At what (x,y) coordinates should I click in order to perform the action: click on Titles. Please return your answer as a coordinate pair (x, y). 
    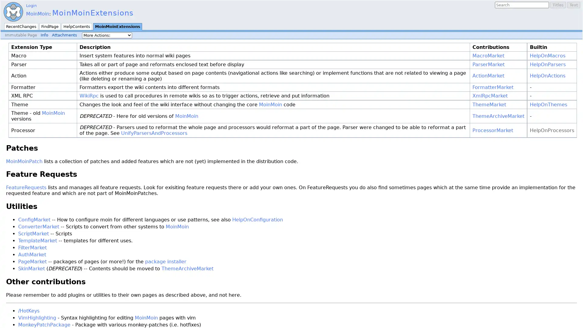
    Looking at the image, I should click on (558, 5).